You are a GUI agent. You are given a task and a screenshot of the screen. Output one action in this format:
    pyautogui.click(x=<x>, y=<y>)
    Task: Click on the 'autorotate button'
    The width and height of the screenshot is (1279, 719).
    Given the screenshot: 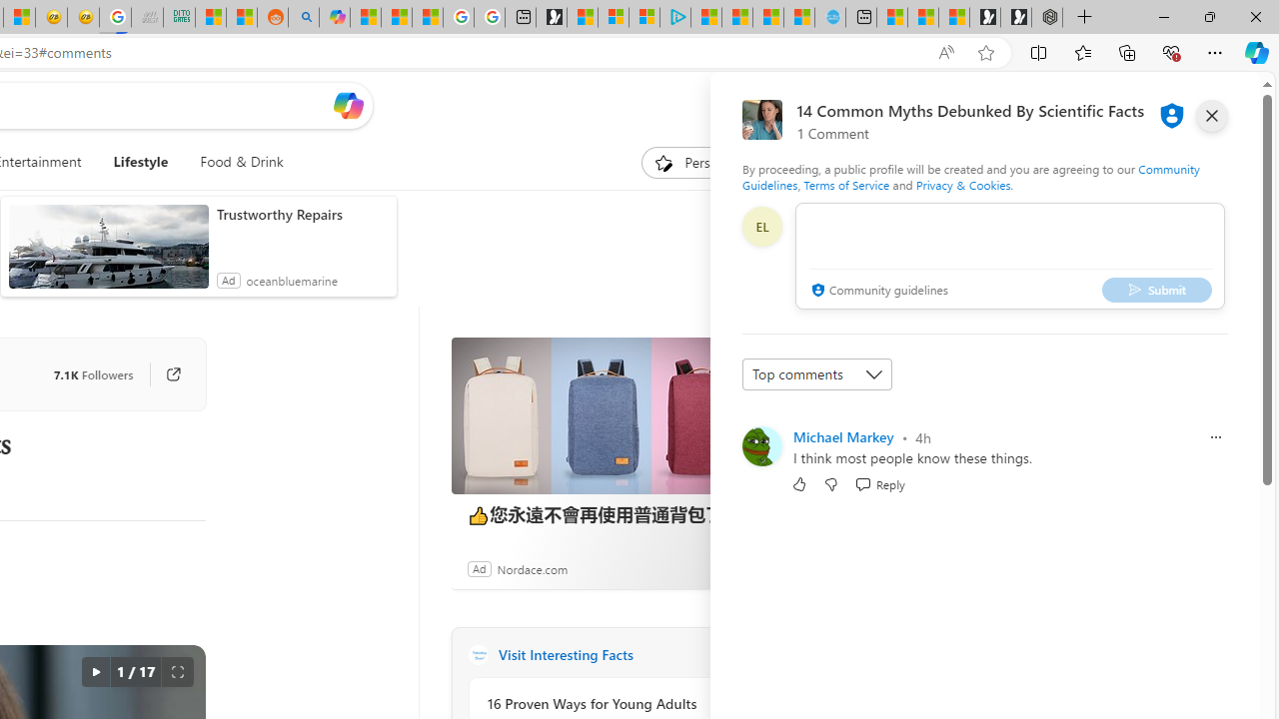 What is the action you would take?
    pyautogui.click(x=94, y=672)
    